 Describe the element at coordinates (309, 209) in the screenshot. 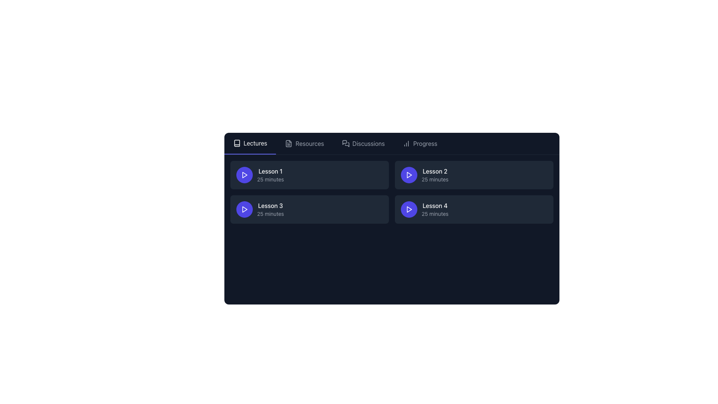

I see `the 'Lesson 3' card component located` at that location.